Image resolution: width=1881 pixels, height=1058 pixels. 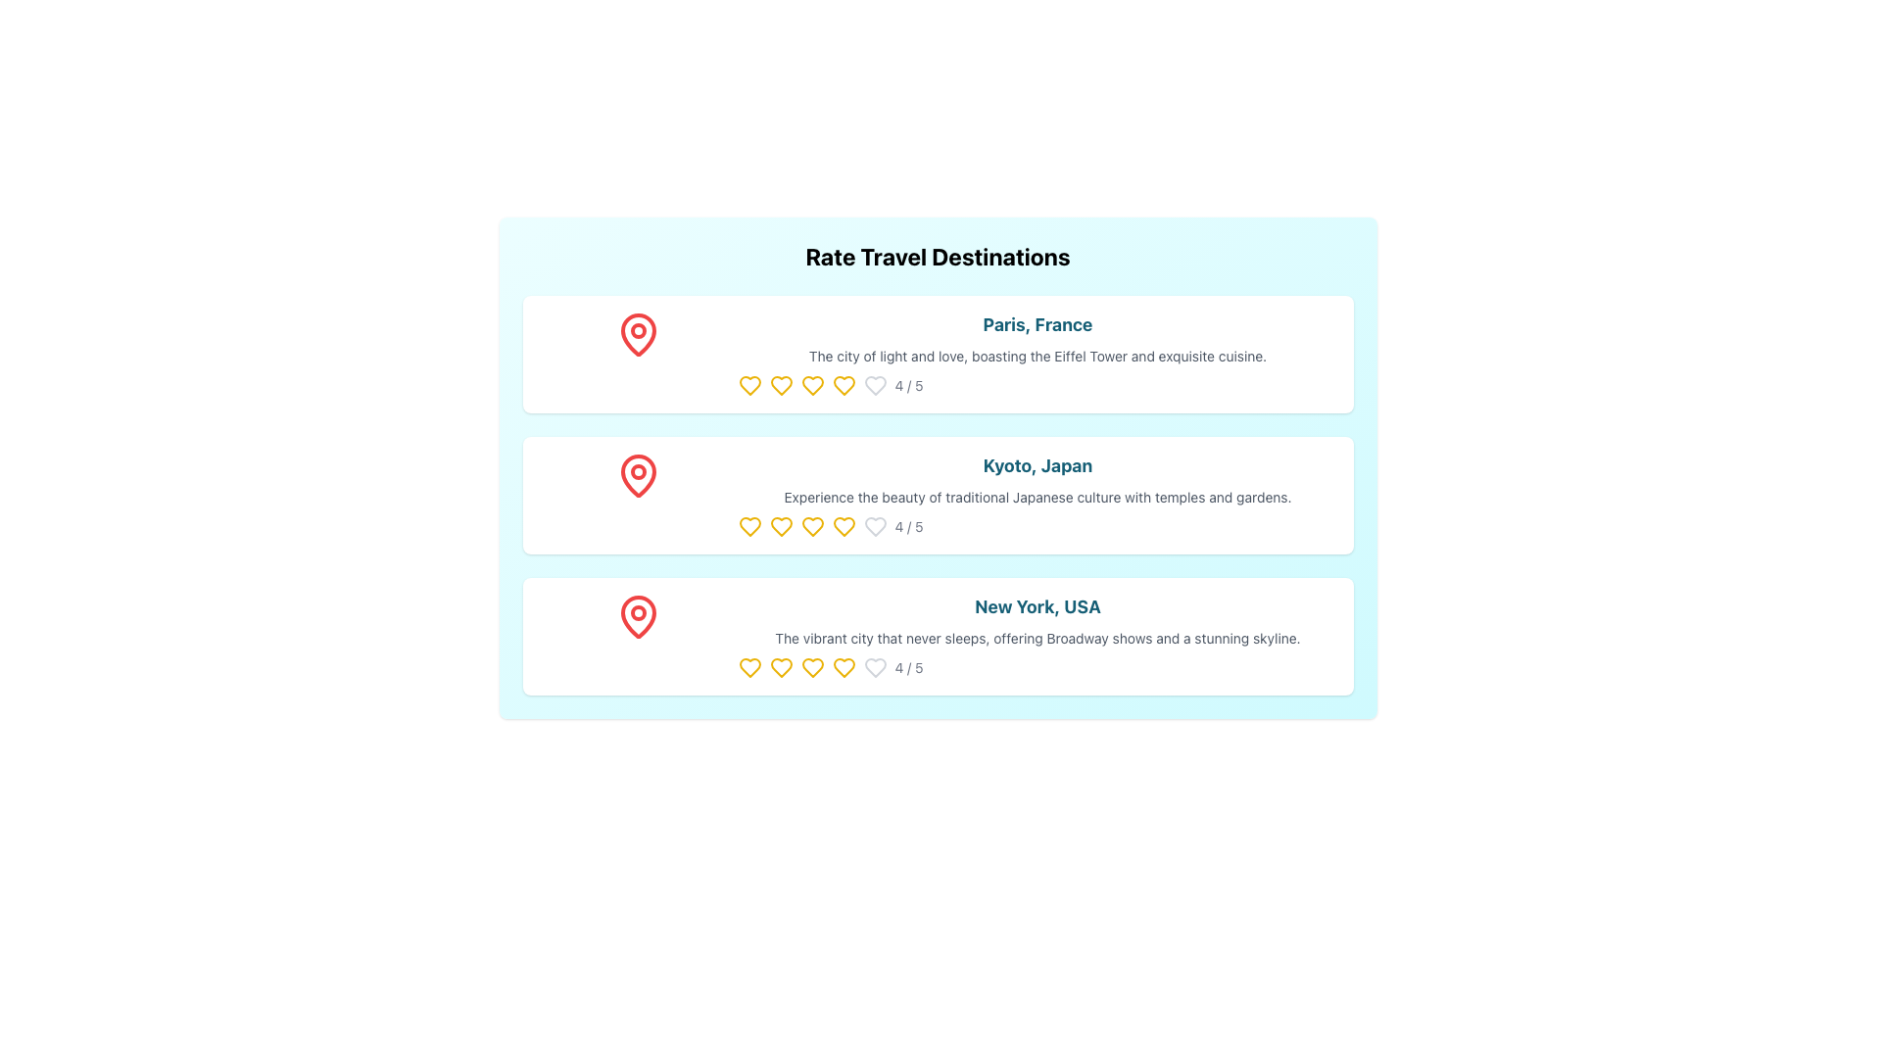 What do you see at coordinates (1037, 606) in the screenshot?
I see `the text label that serves as the title for the city description of New York, which is the third entry in the list of destinations` at bounding box center [1037, 606].